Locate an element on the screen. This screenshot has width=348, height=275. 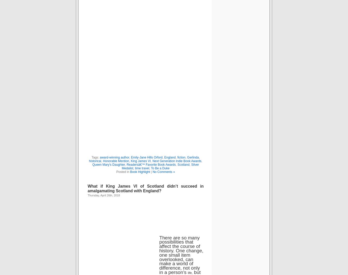
'Queen Mary's Daughter' is located at coordinates (109, 164).